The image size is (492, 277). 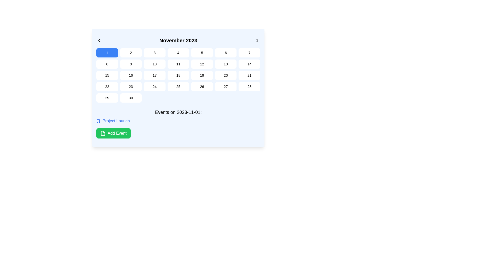 What do you see at coordinates (154, 53) in the screenshot?
I see `the date '3' button in the monthly calendar view` at bounding box center [154, 53].